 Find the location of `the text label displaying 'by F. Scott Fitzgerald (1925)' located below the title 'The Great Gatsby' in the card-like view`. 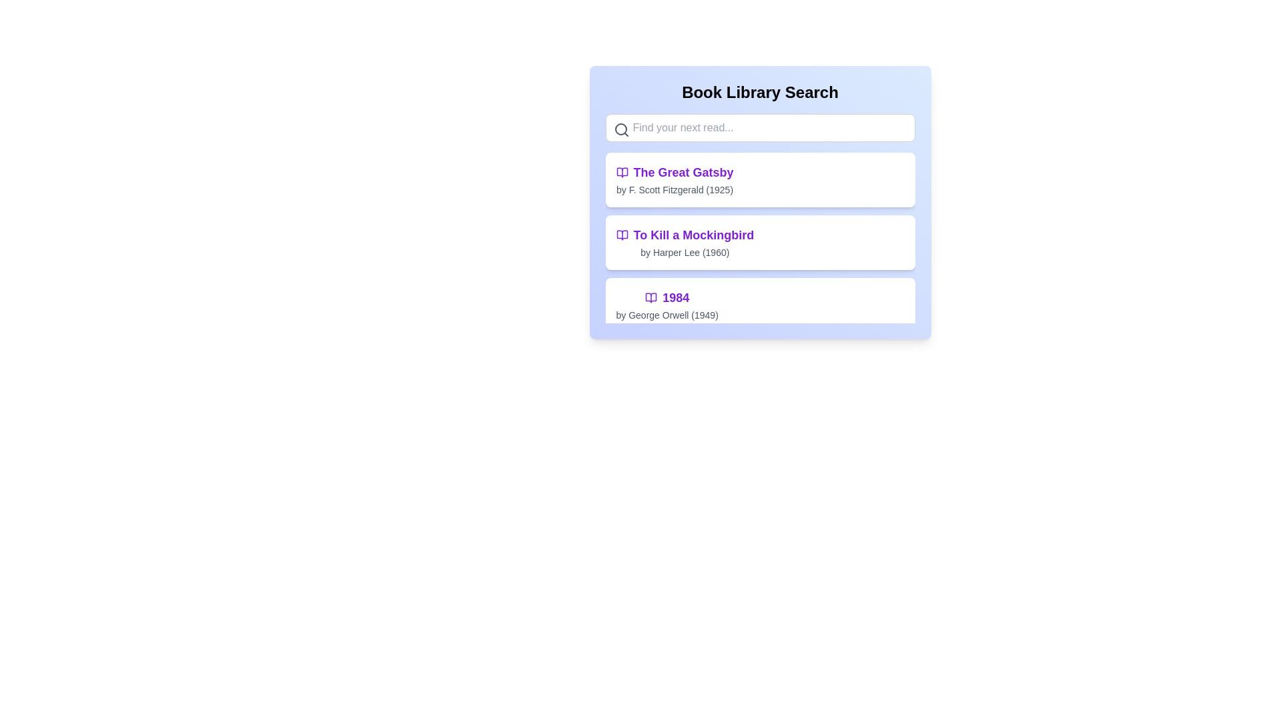

the text label displaying 'by F. Scott Fitzgerald (1925)' located below the title 'The Great Gatsby' in the card-like view is located at coordinates (675, 190).